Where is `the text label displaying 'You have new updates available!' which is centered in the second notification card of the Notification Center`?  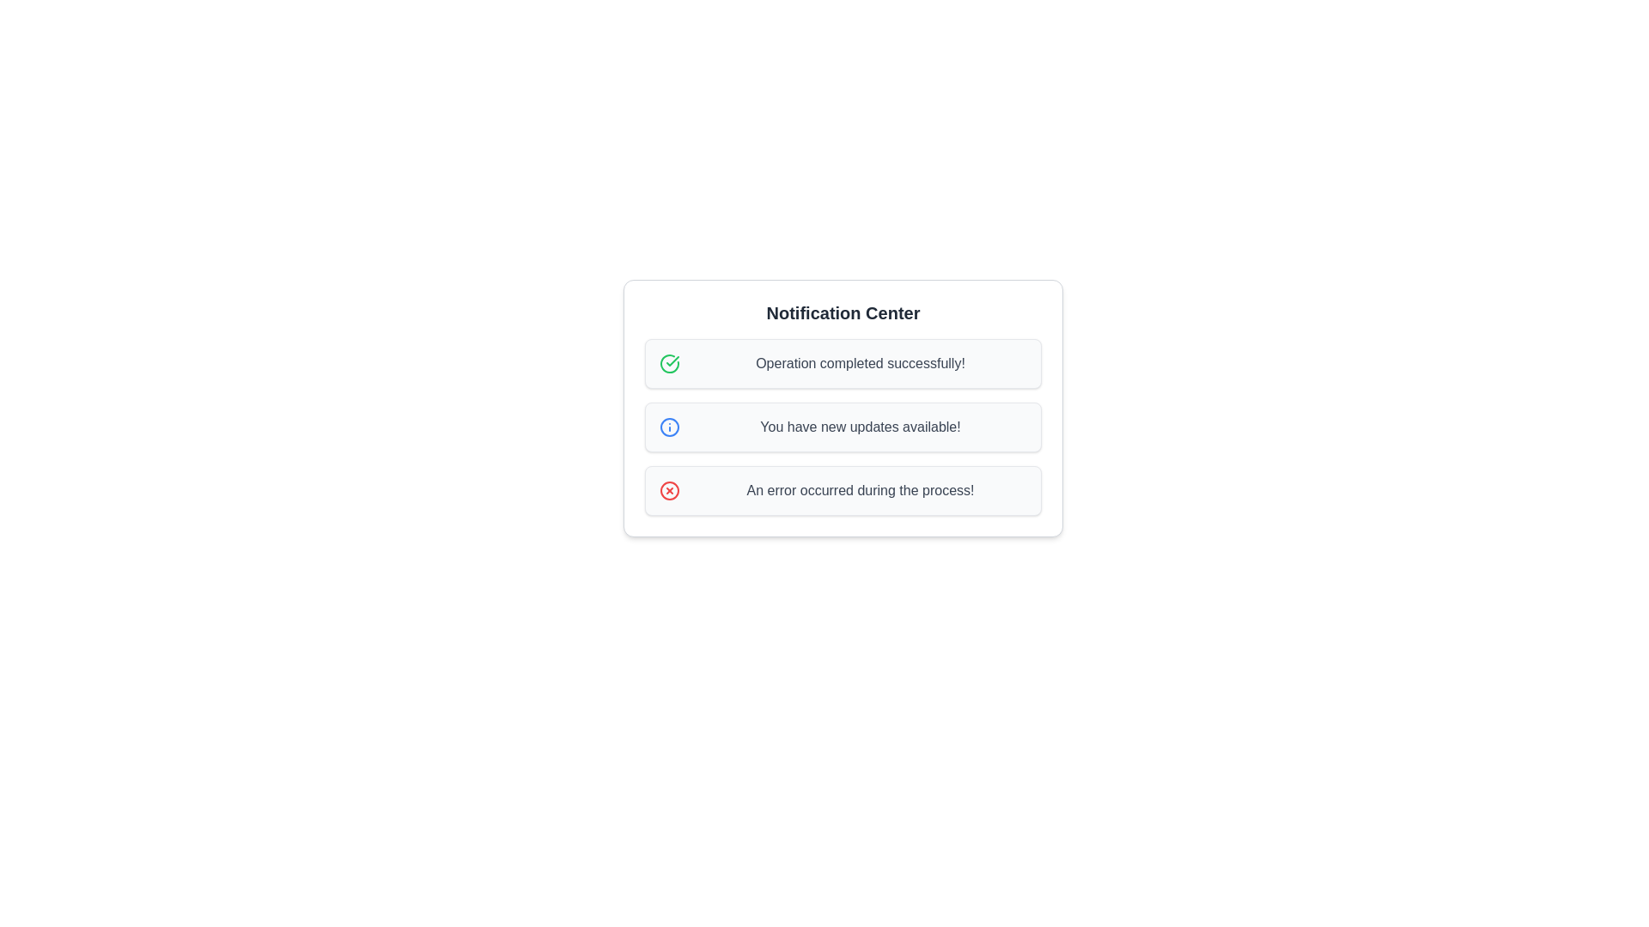
the text label displaying 'You have new updates available!' which is centered in the second notification card of the Notification Center is located at coordinates (861, 426).